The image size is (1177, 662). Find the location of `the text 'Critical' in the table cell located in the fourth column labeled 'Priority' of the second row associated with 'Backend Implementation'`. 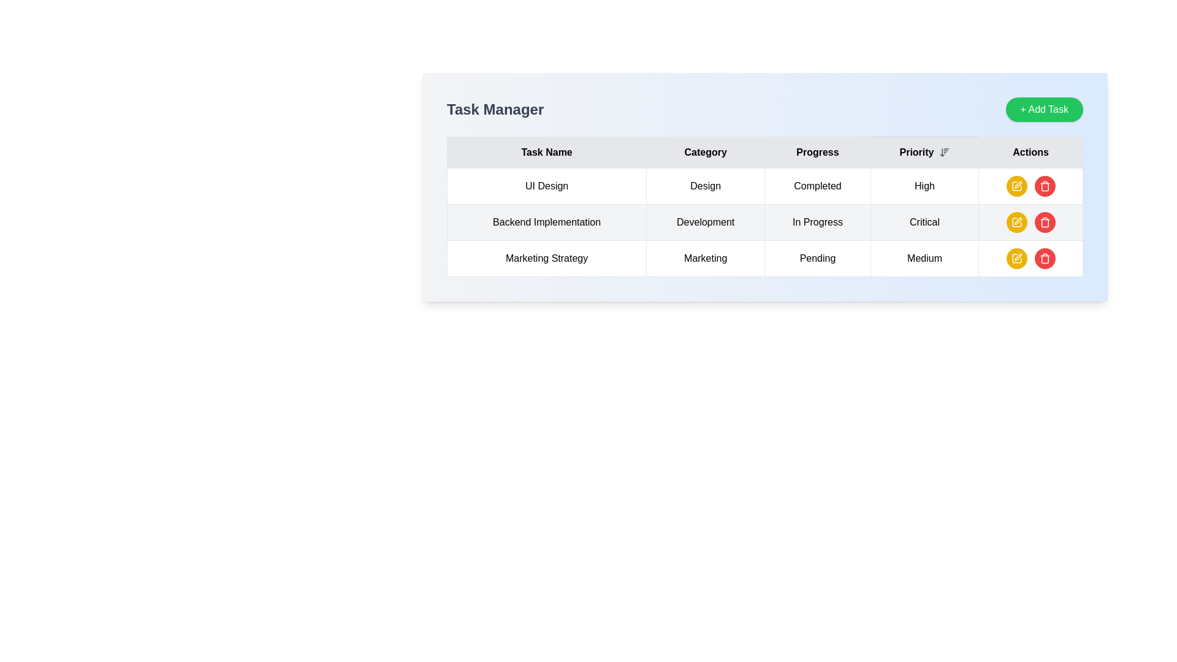

the text 'Critical' in the table cell located in the fourth column labeled 'Priority' of the second row associated with 'Backend Implementation' is located at coordinates (924, 222).